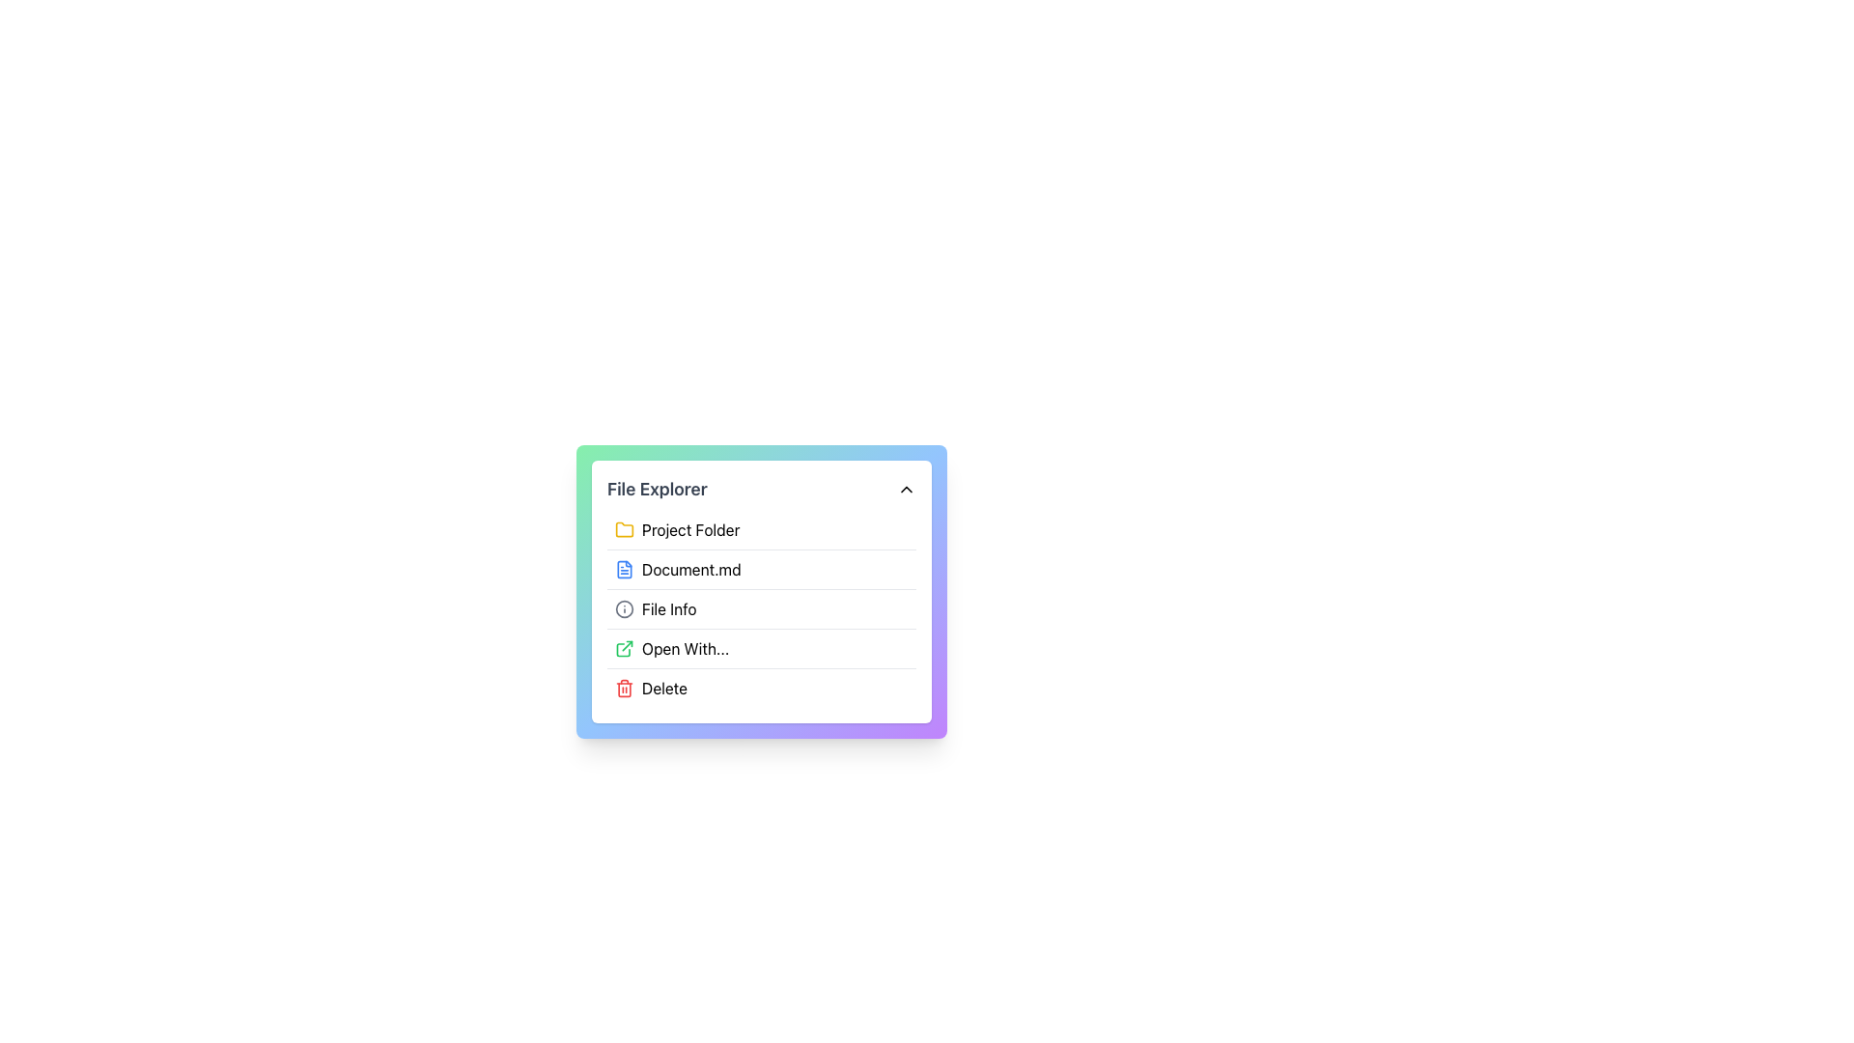  Describe the element at coordinates (760, 687) in the screenshot. I see `the last item in the vertical list menu that represents a deletion action, located beneath the 'Open With...' row` at that location.